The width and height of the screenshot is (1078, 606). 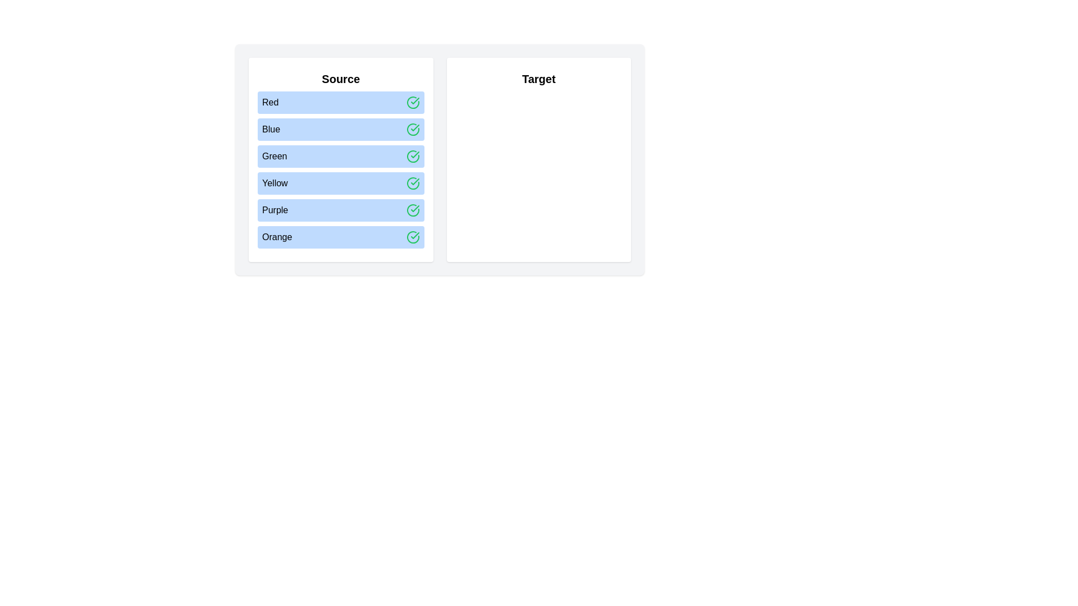 I want to click on green check icon next to the item Blue in the Source list to move it to the Target list, so click(x=412, y=129).